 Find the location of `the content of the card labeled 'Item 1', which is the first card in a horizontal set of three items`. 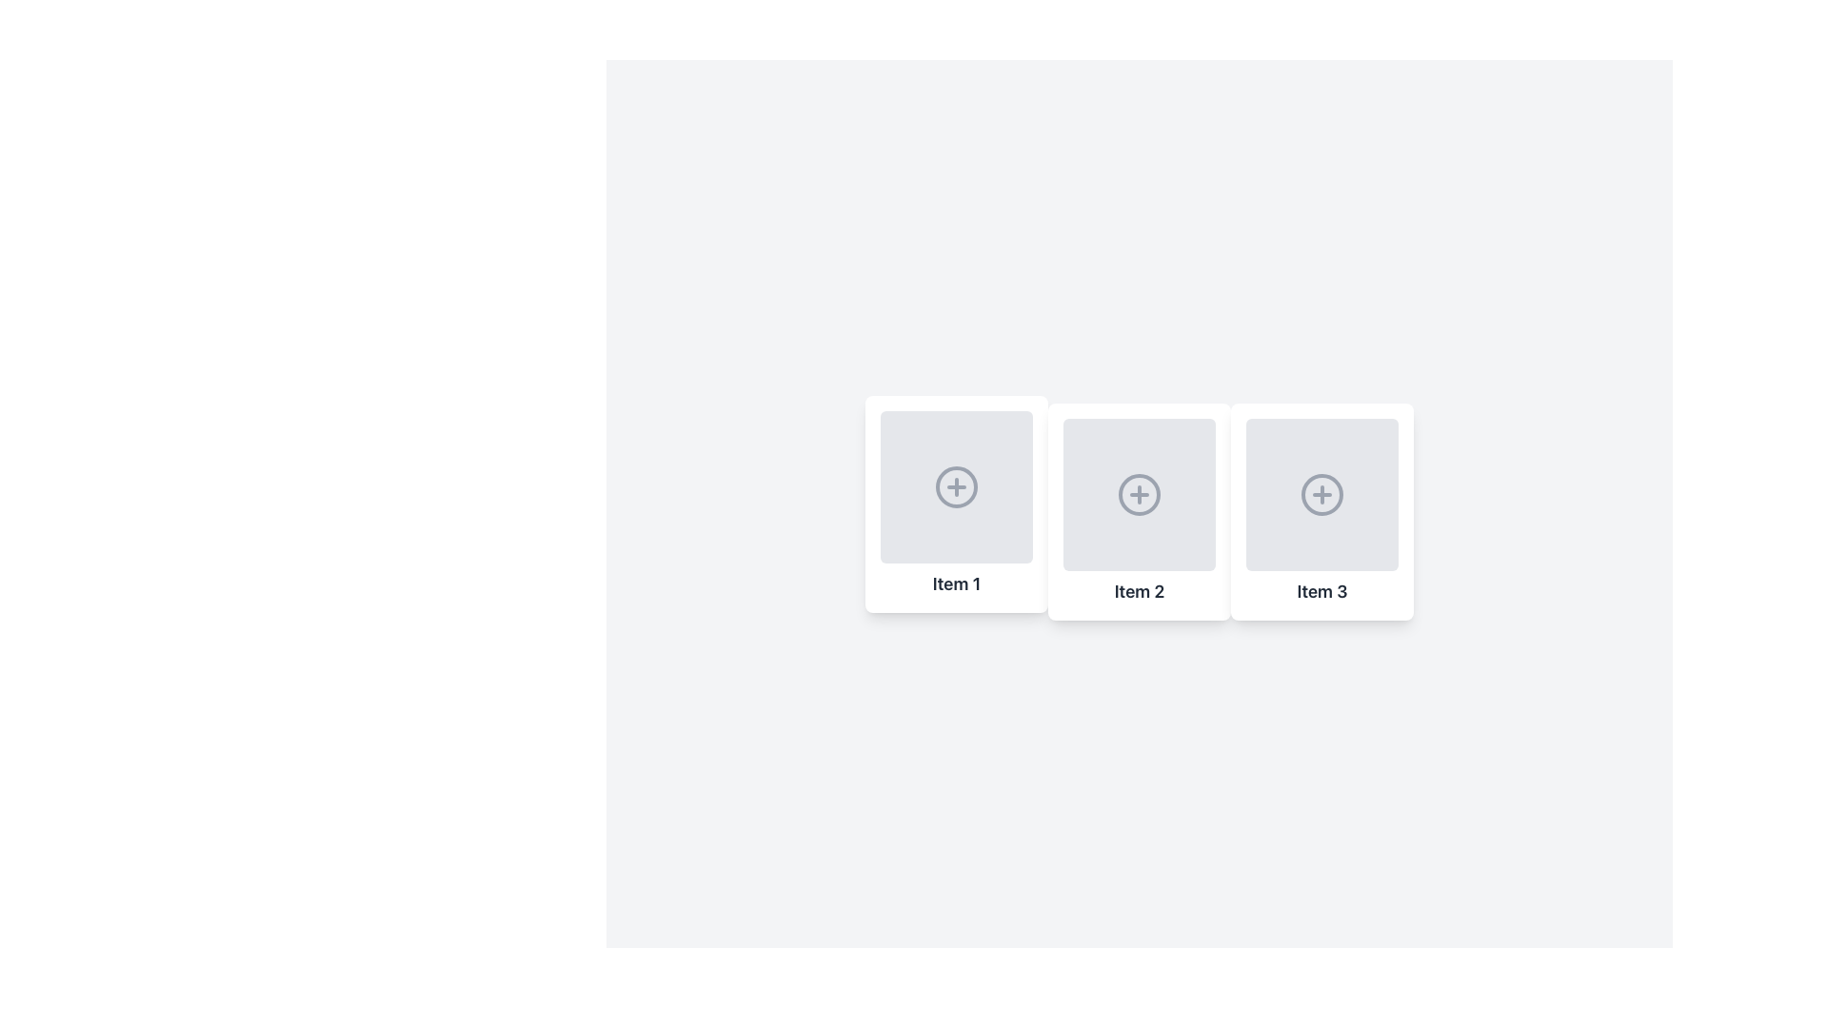

the content of the card labeled 'Item 1', which is the first card in a horizontal set of three items is located at coordinates (956, 503).